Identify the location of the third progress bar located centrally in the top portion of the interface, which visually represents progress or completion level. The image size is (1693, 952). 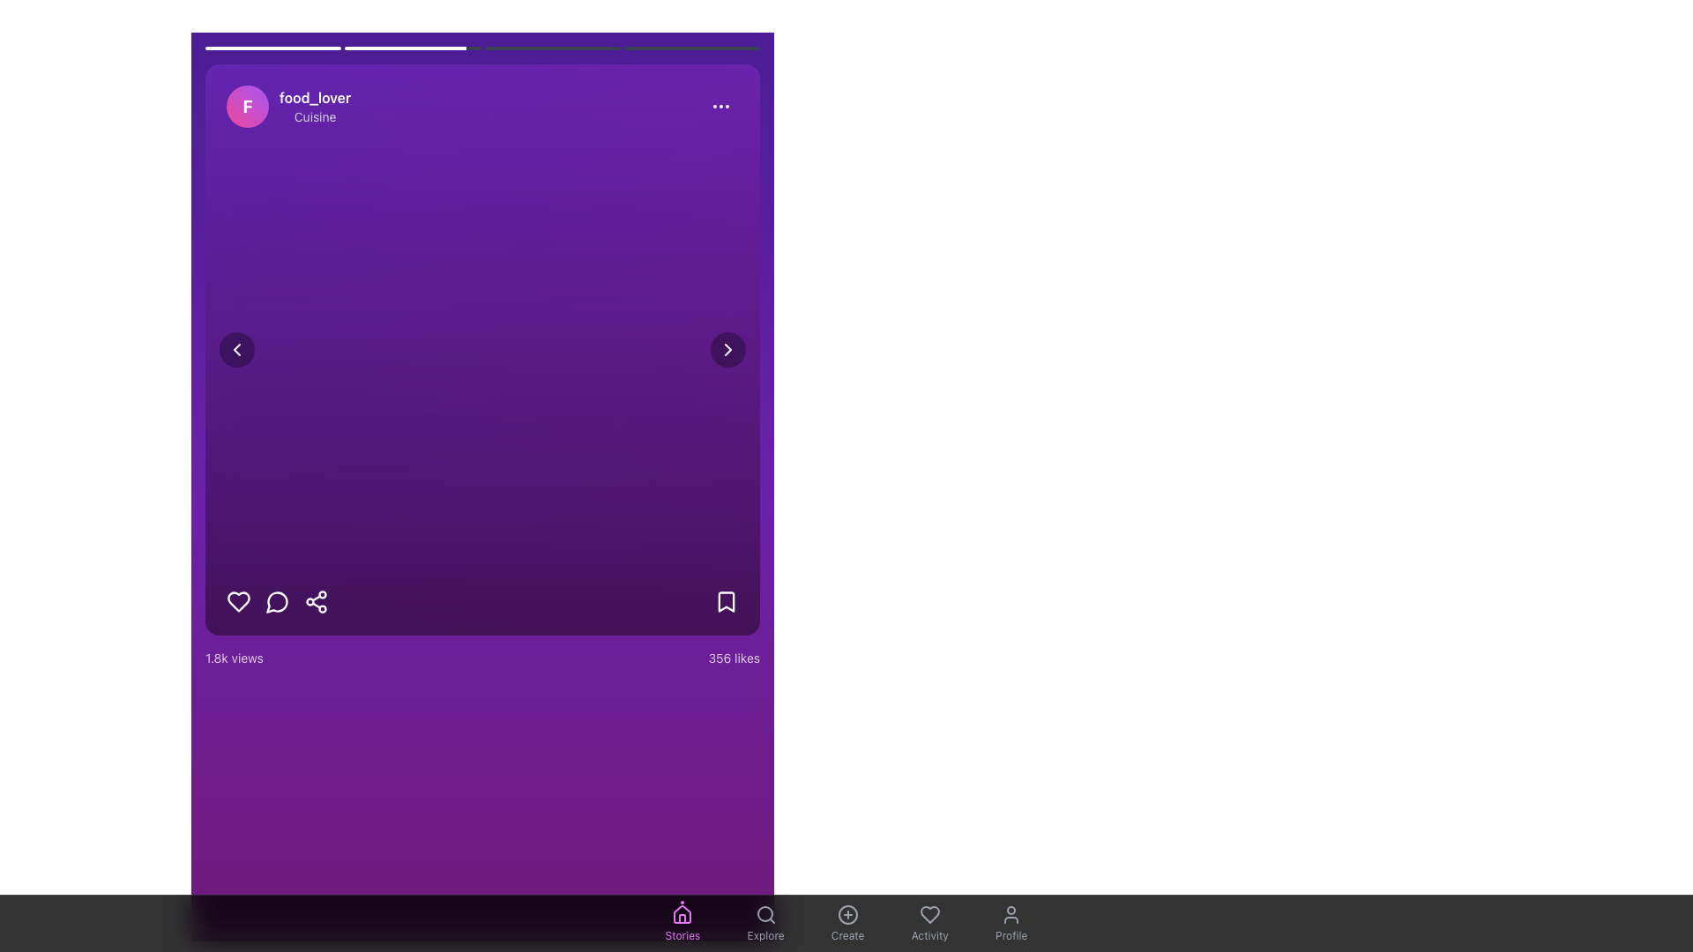
(551, 47).